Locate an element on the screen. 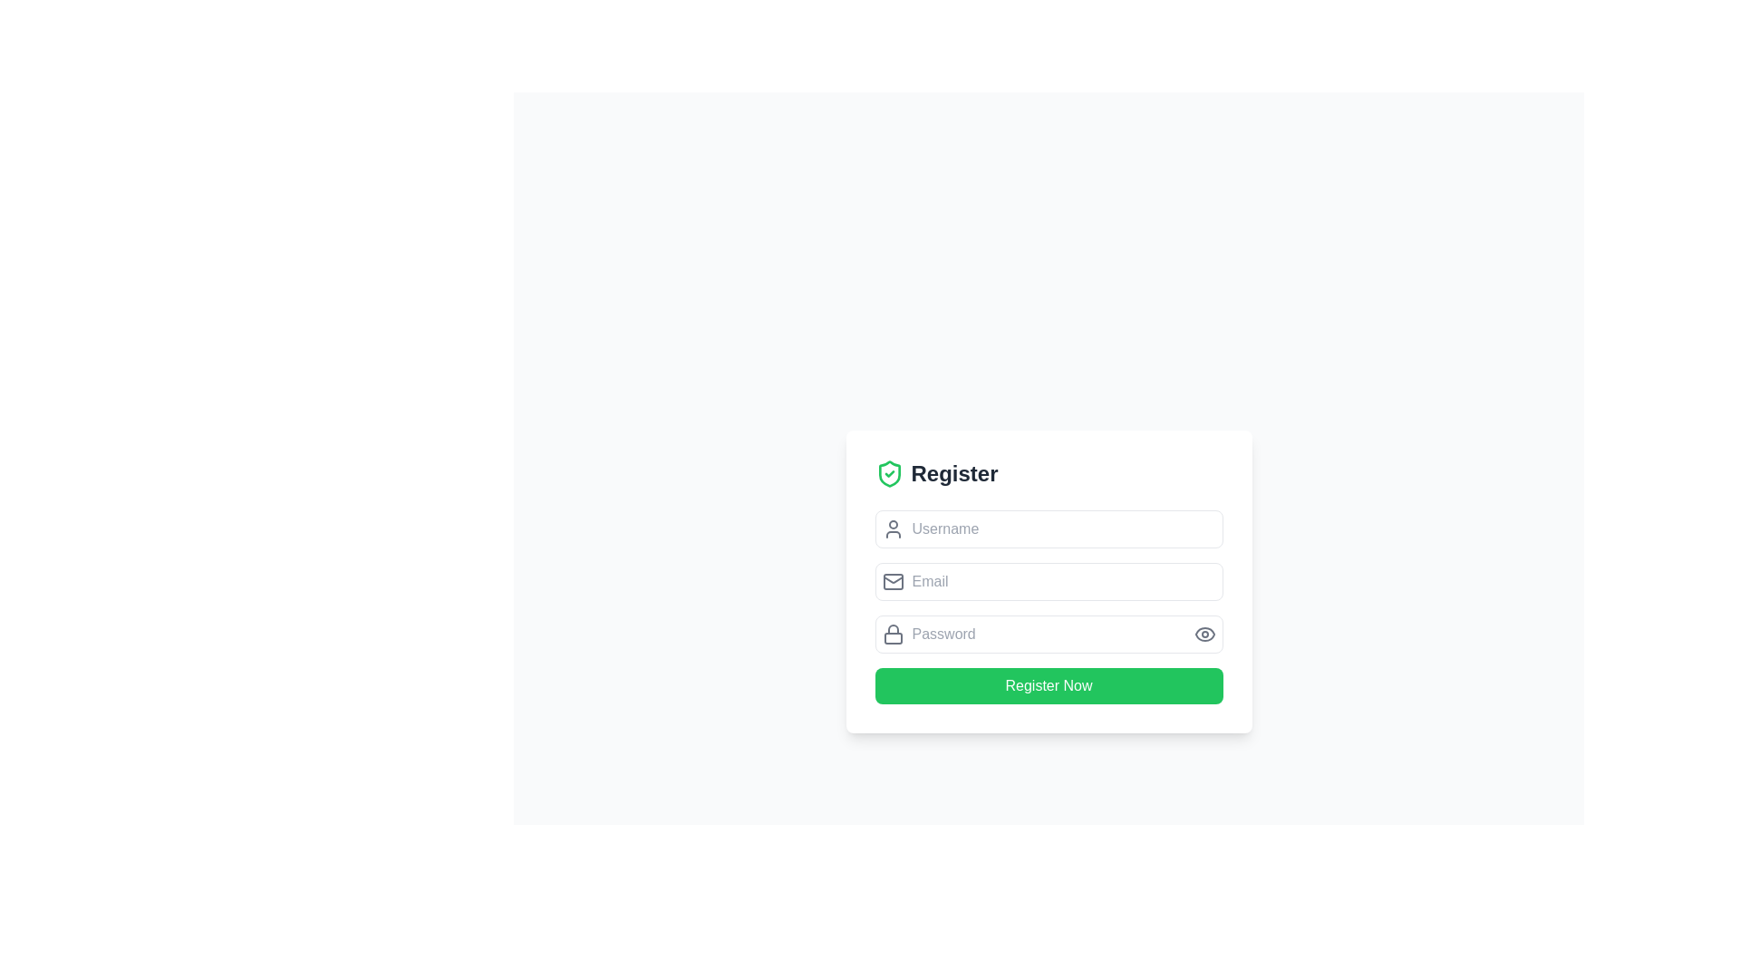 The image size is (1740, 979). the Eye icon within the password input field is located at coordinates (1204, 633).